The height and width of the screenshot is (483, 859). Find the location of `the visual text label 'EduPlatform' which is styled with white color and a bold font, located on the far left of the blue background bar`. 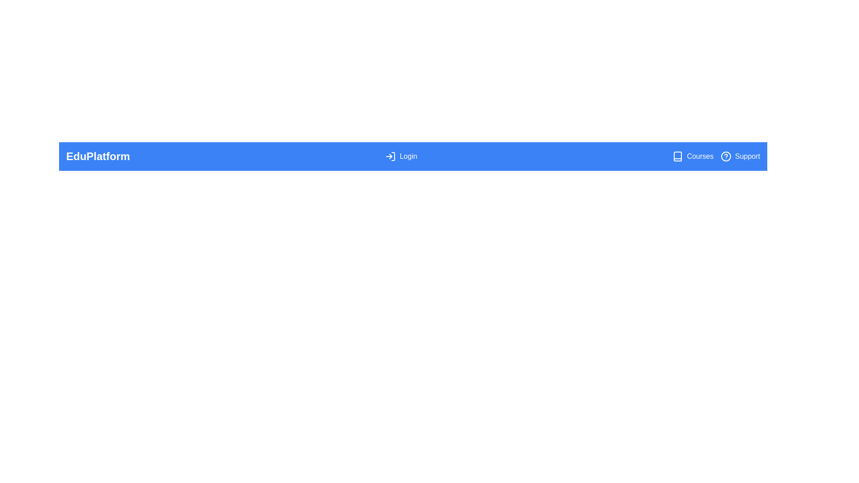

the visual text label 'EduPlatform' which is styled with white color and a bold font, located on the far left of the blue background bar is located at coordinates (98, 156).